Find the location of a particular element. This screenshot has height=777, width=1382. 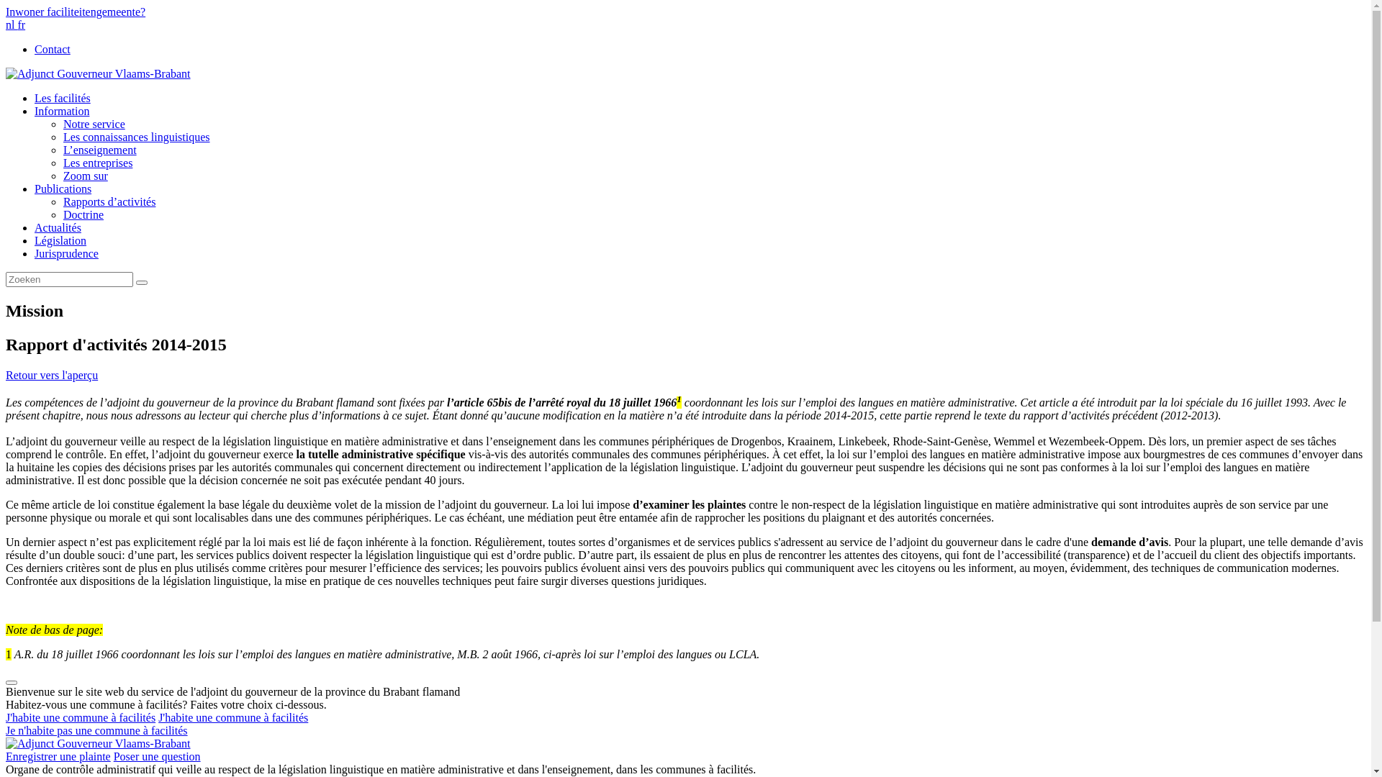

'Enregistrer une plainte' is located at coordinates (58, 755).